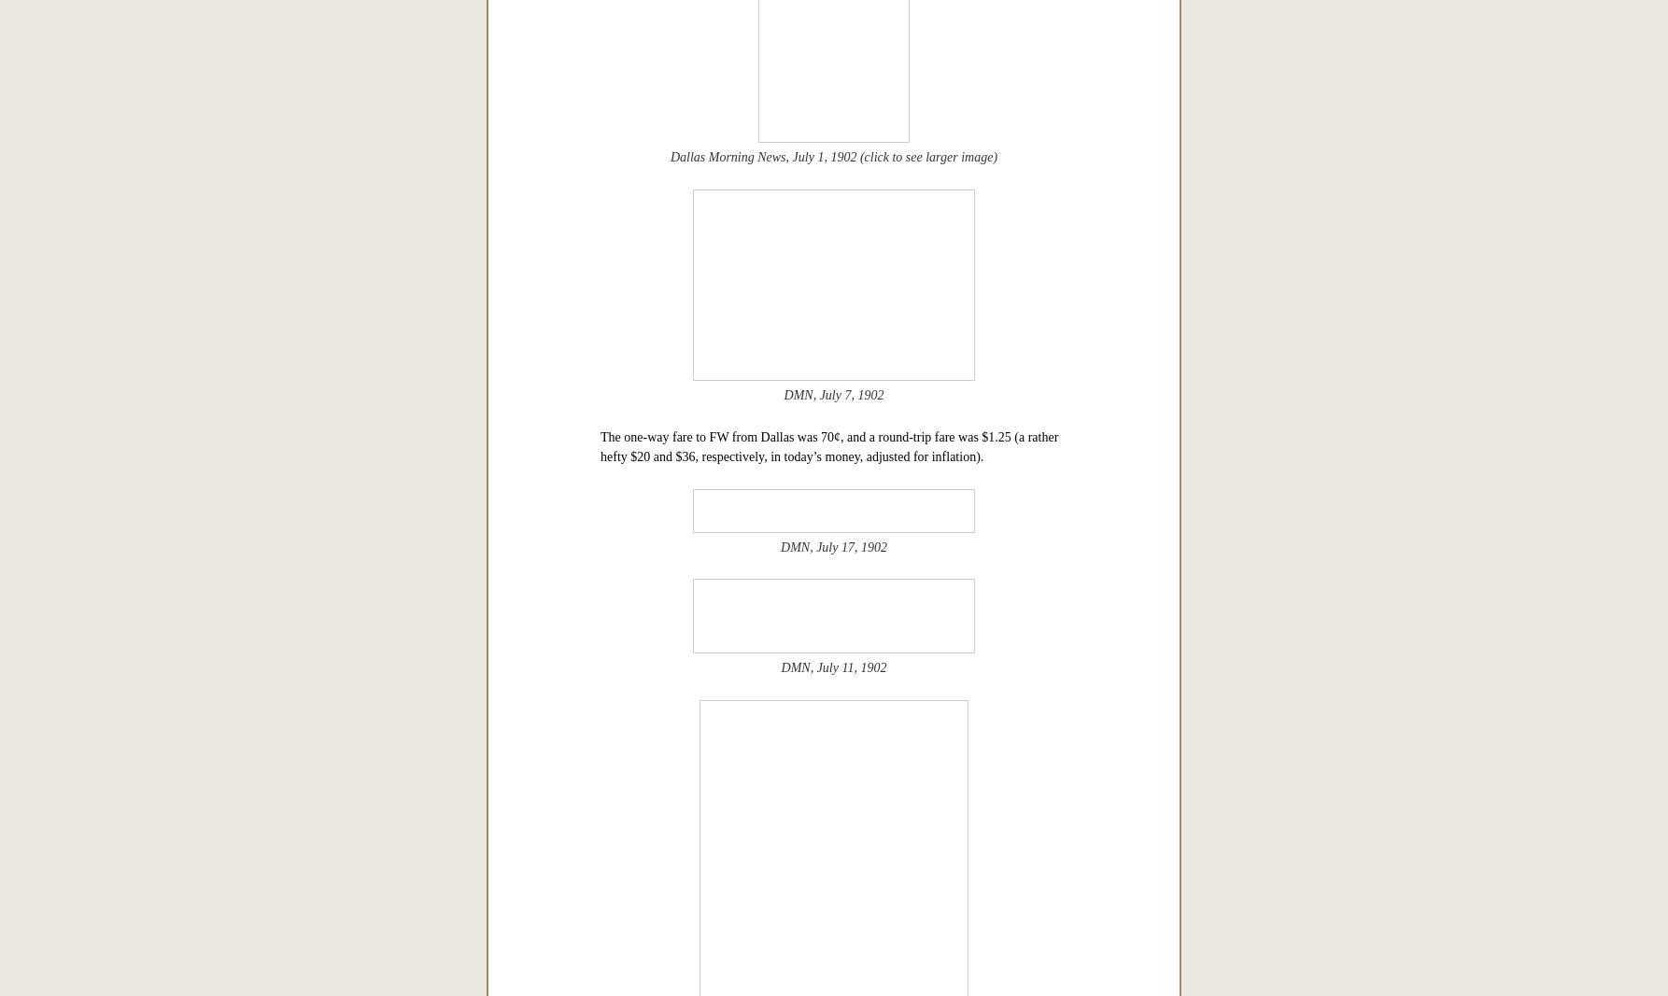 This screenshot has height=996, width=1668. Describe the element at coordinates (829, 332) in the screenshot. I see `'(the 10-page article “The System of the Northern Texas Traction Company” begins on p. 82). (Lots on “Lake Erie” at Handley can also  be found in this article.)'` at that location.